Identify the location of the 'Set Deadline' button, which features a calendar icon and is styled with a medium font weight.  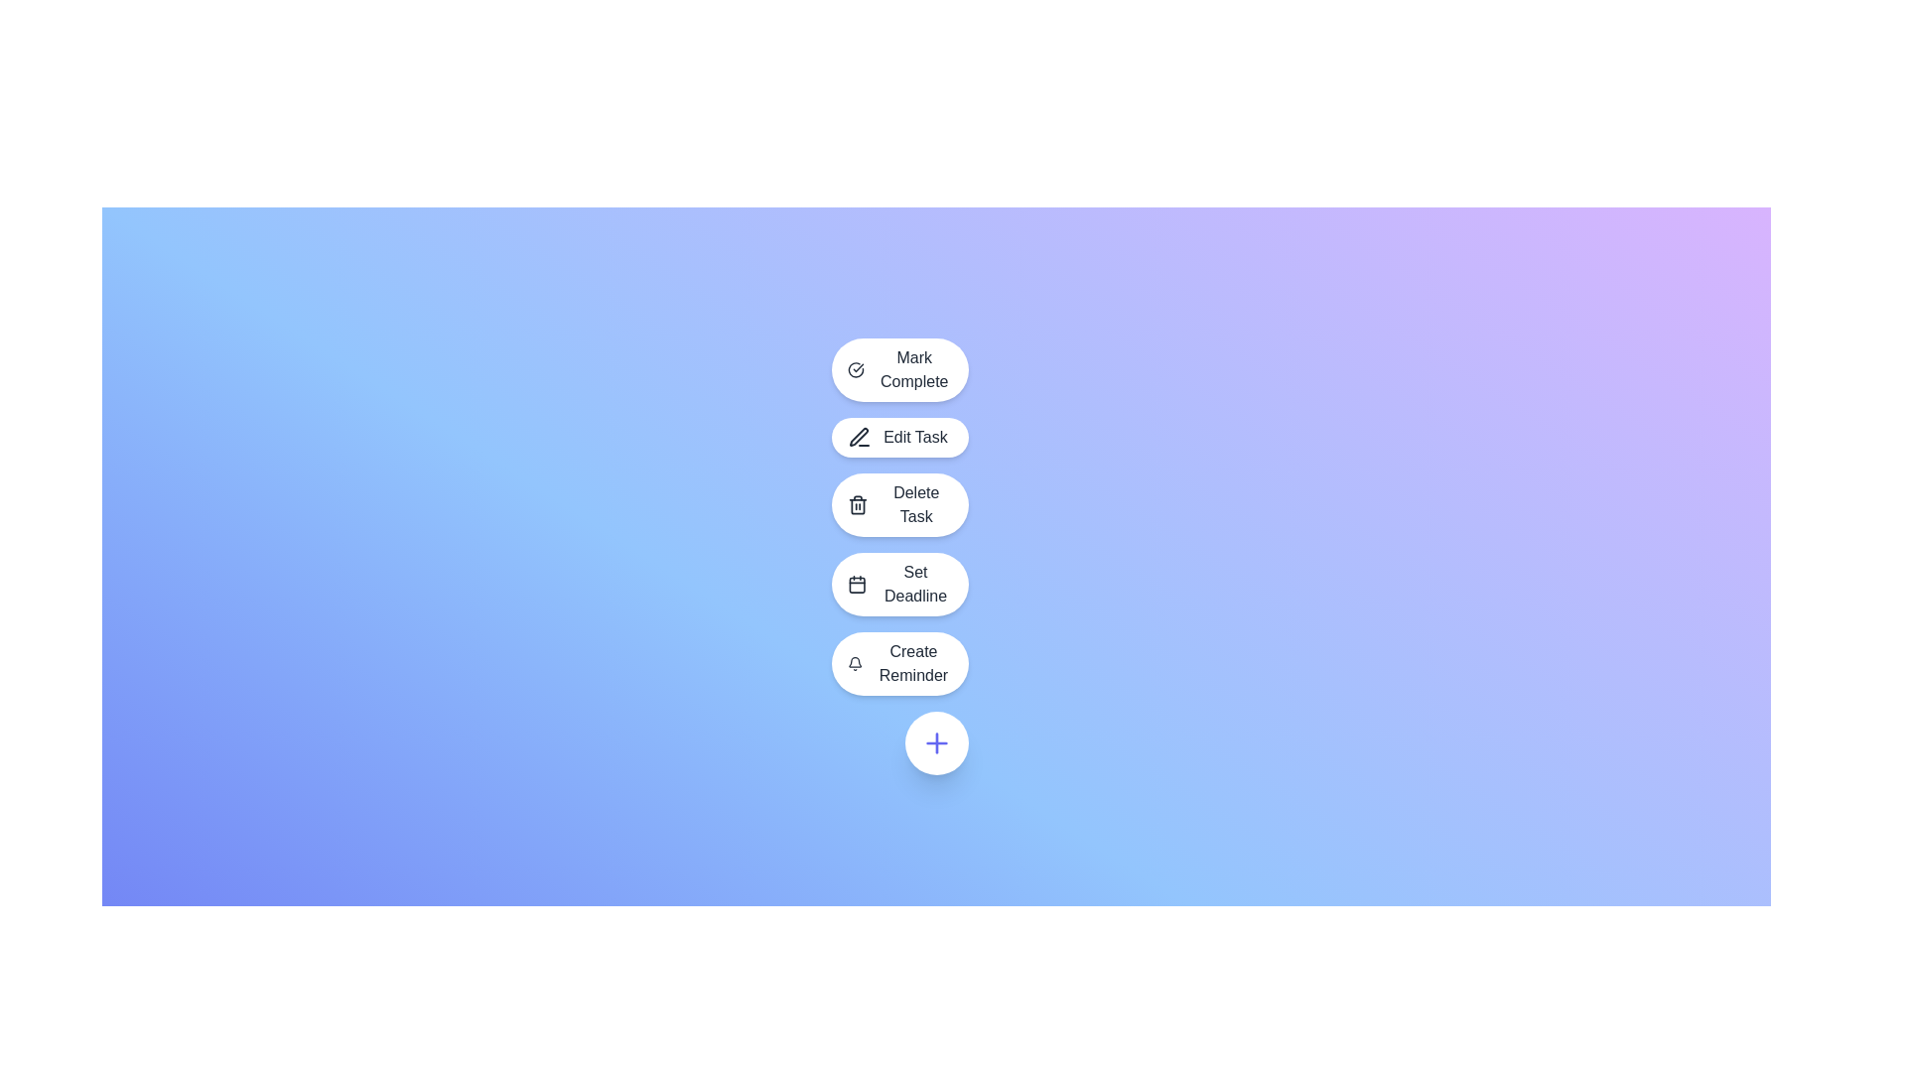
(913, 584).